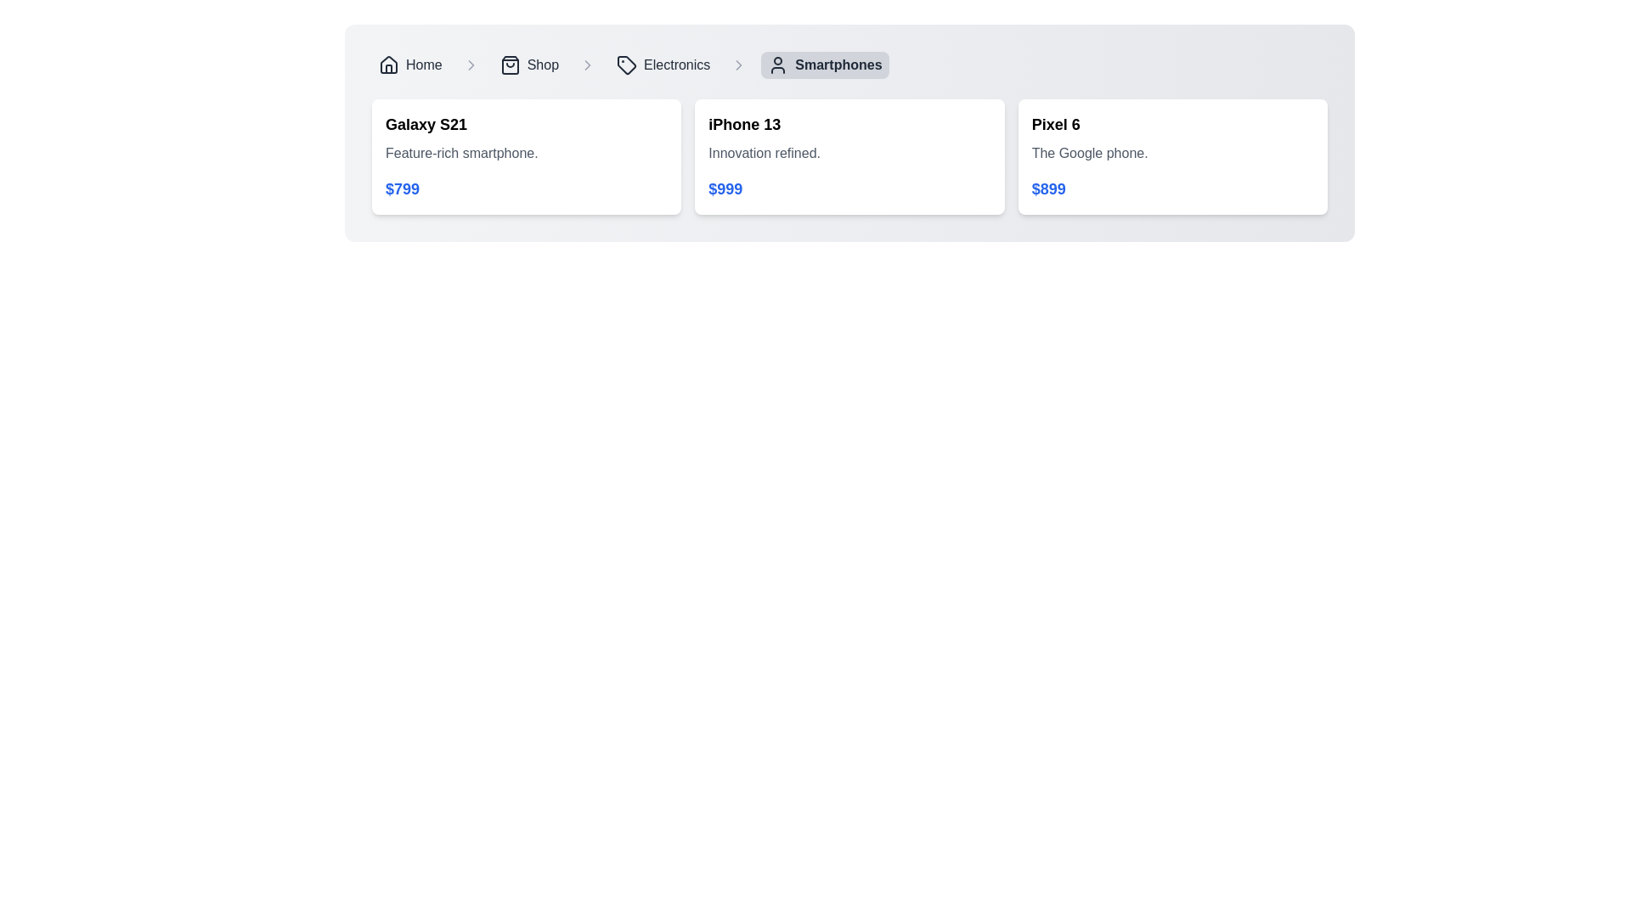  What do you see at coordinates (663, 65) in the screenshot?
I see `the third breadcrumb link labeled 'Electronics' in the navigation bar` at bounding box center [663, 65].